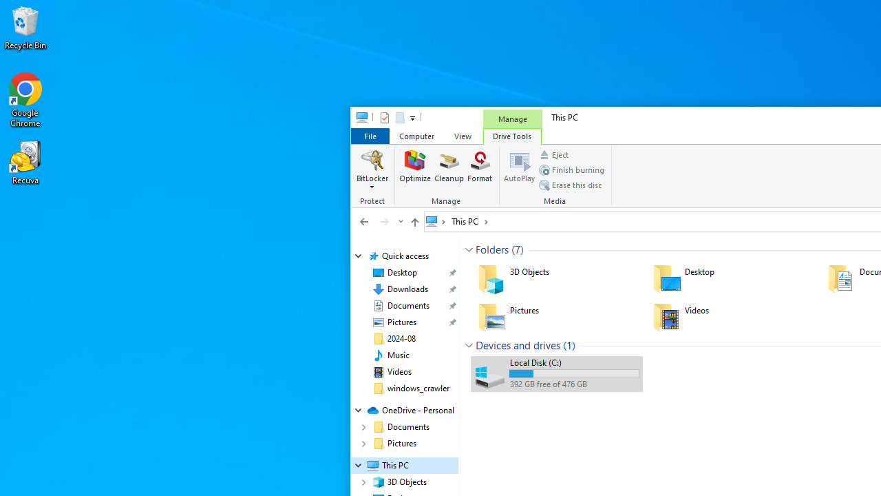  What do you see at coordinates (397, 354) in the screenshot?
I see `'Music'` at bounding box center [397, 354].